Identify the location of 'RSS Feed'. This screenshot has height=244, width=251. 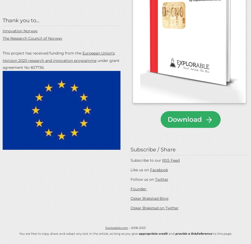
(171, 160).